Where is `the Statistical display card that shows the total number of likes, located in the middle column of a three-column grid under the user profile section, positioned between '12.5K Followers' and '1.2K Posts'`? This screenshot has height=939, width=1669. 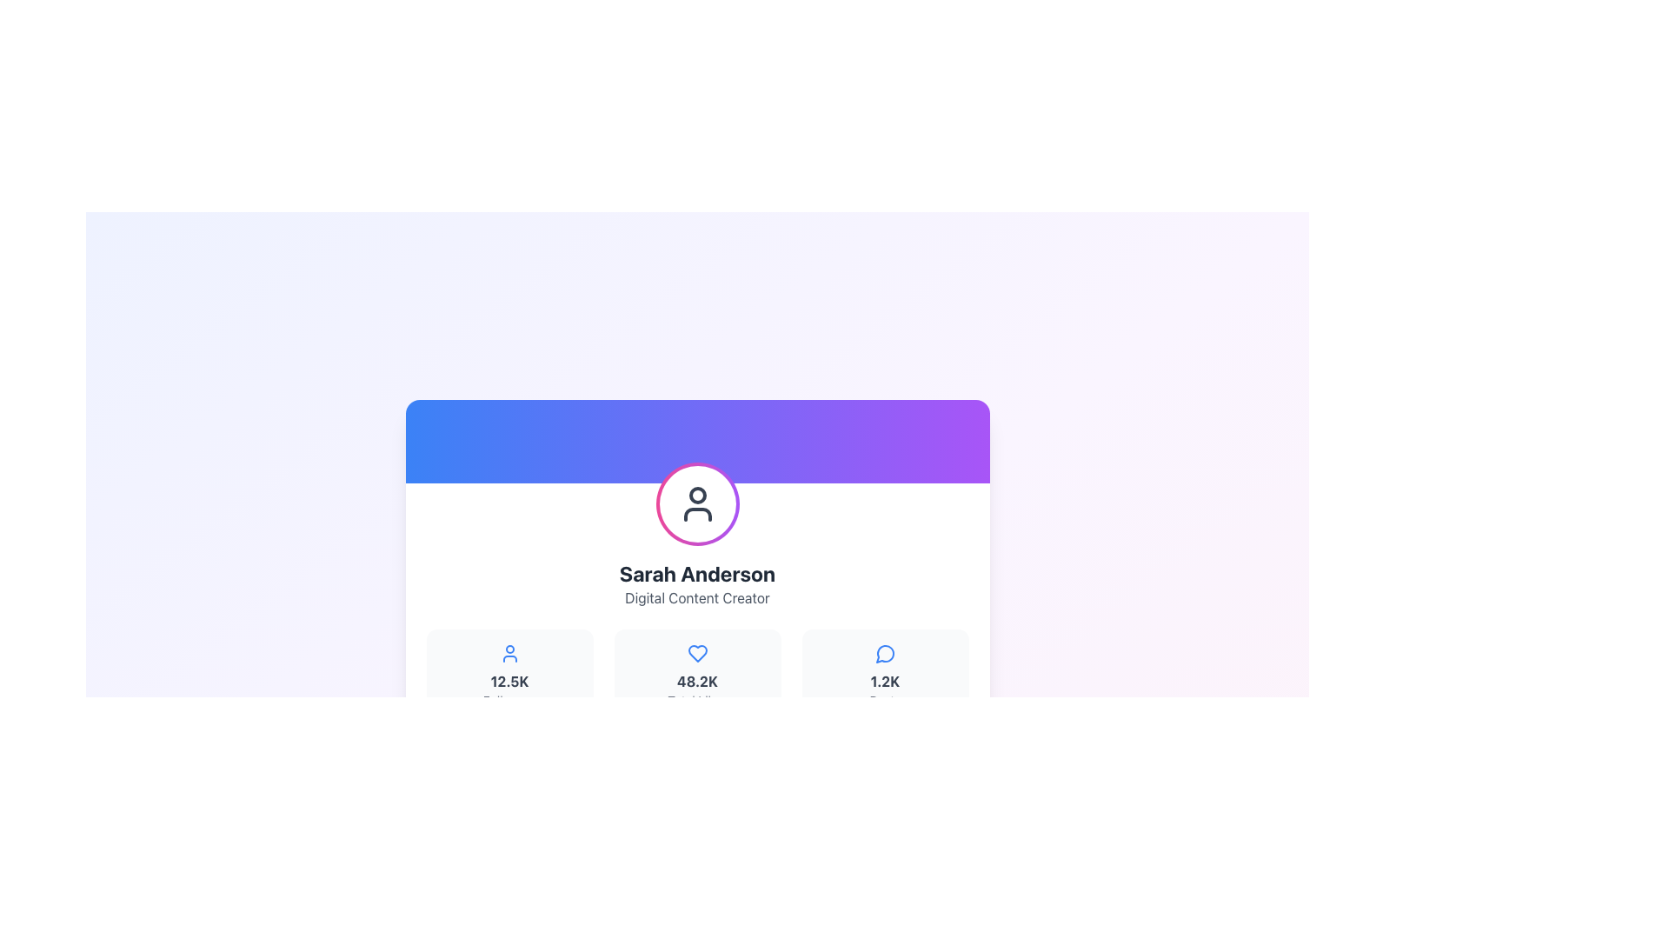
the Statistical display card that shows the total number of likes, located in the middle column of a three-column grid under the user profile section, positioned between '12.5K Followers' and '1.2K Posts' is located at coordinates (697, 676).